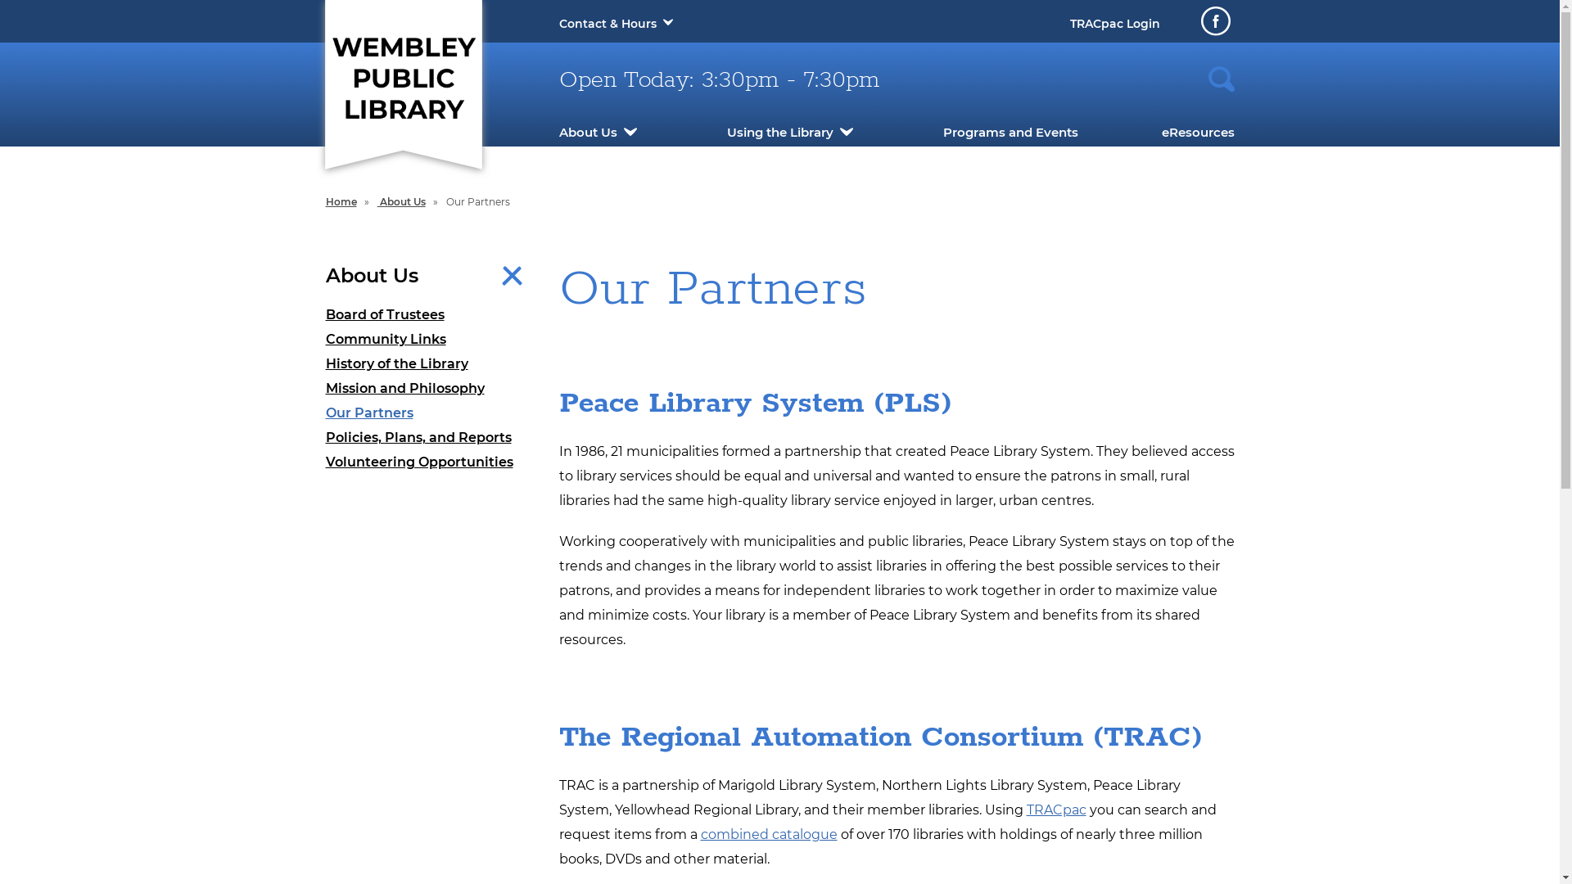 This screenshot has height=884, width=1572. I want to click on 'About Us', so click(401, 201).